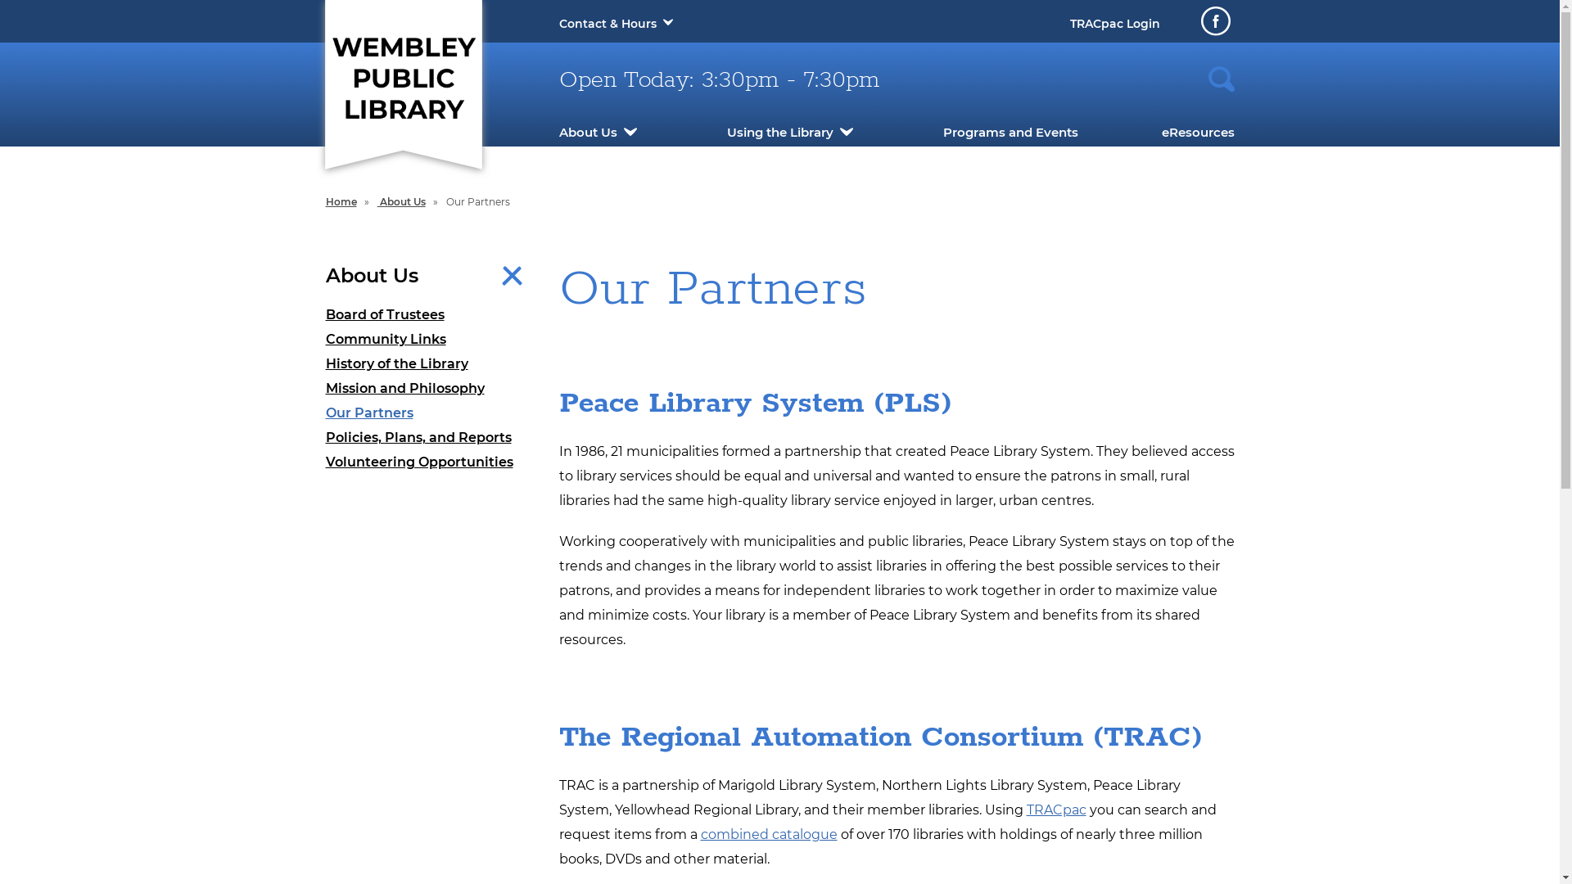 This screenshot has height=884, width=1572. I want to click on 'About Us', so click(401, 201).